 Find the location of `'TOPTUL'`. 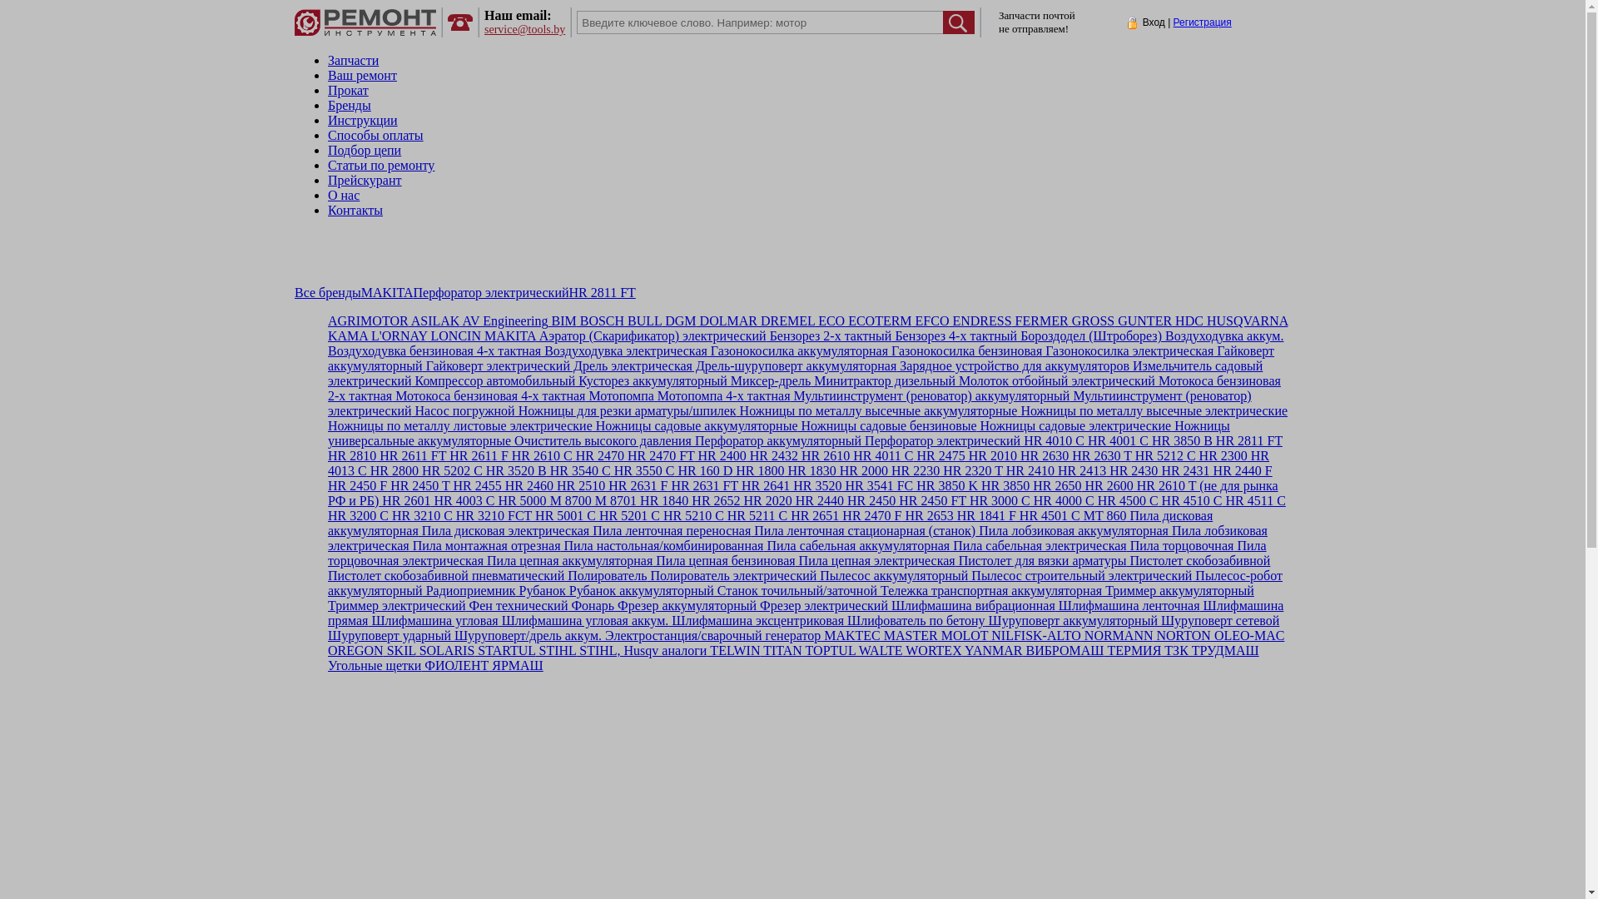

'TOPTUL' is located at coordinates (829, 649).